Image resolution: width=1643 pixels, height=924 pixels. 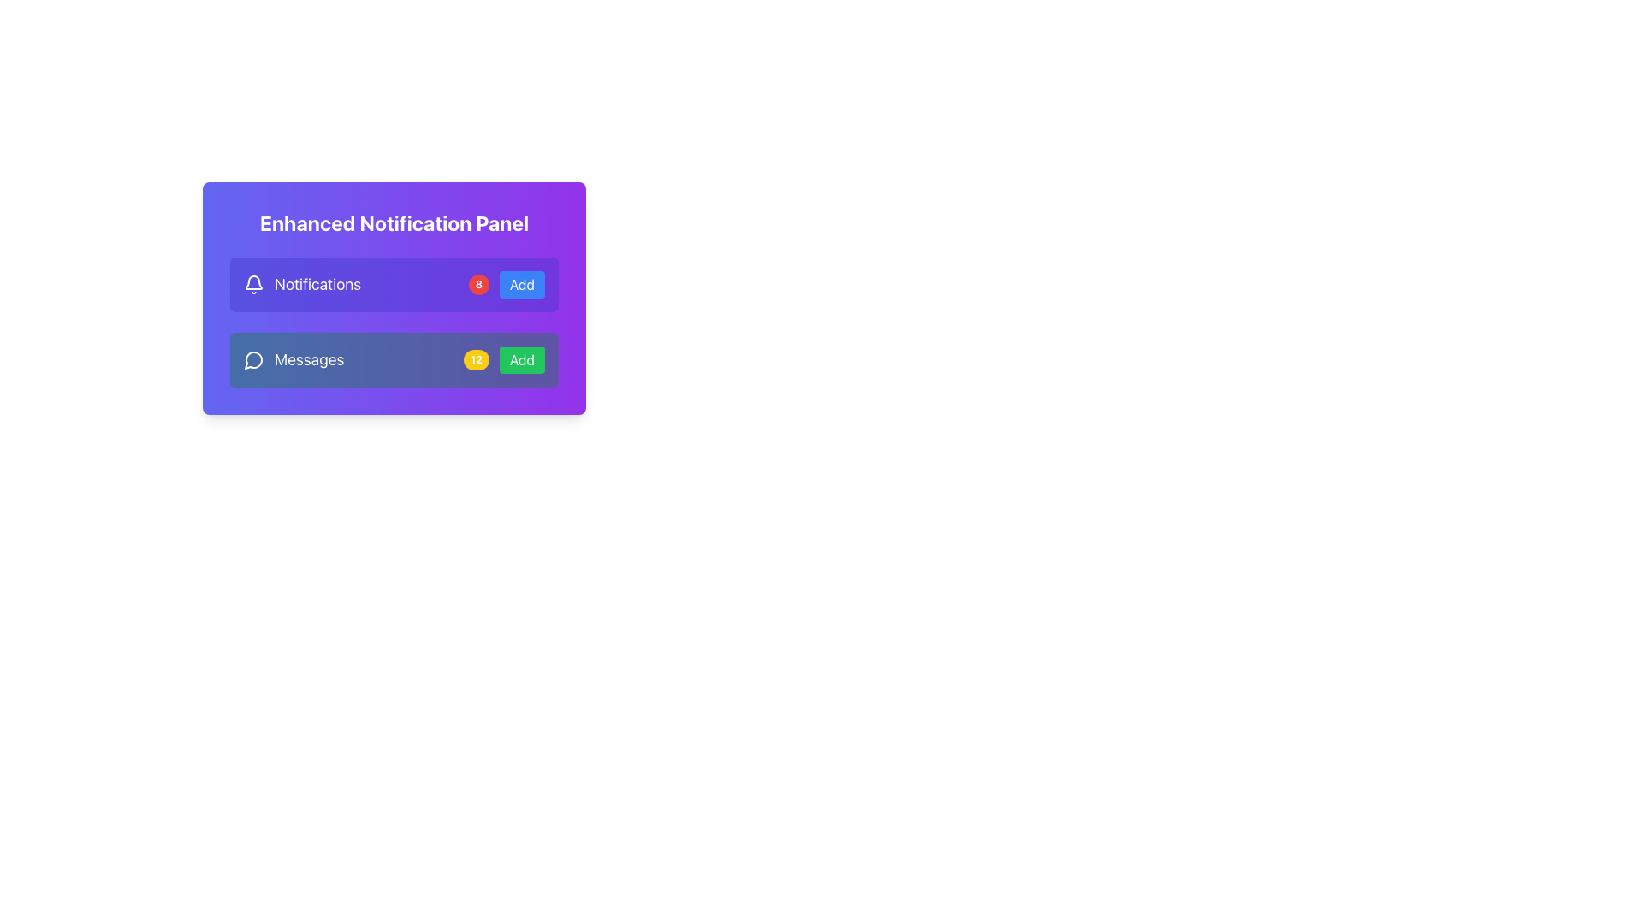 I want to click on the 'Messages' text with a speech bubble icon located in the lower half of the purple notification panel, so click(x=294, y=358).